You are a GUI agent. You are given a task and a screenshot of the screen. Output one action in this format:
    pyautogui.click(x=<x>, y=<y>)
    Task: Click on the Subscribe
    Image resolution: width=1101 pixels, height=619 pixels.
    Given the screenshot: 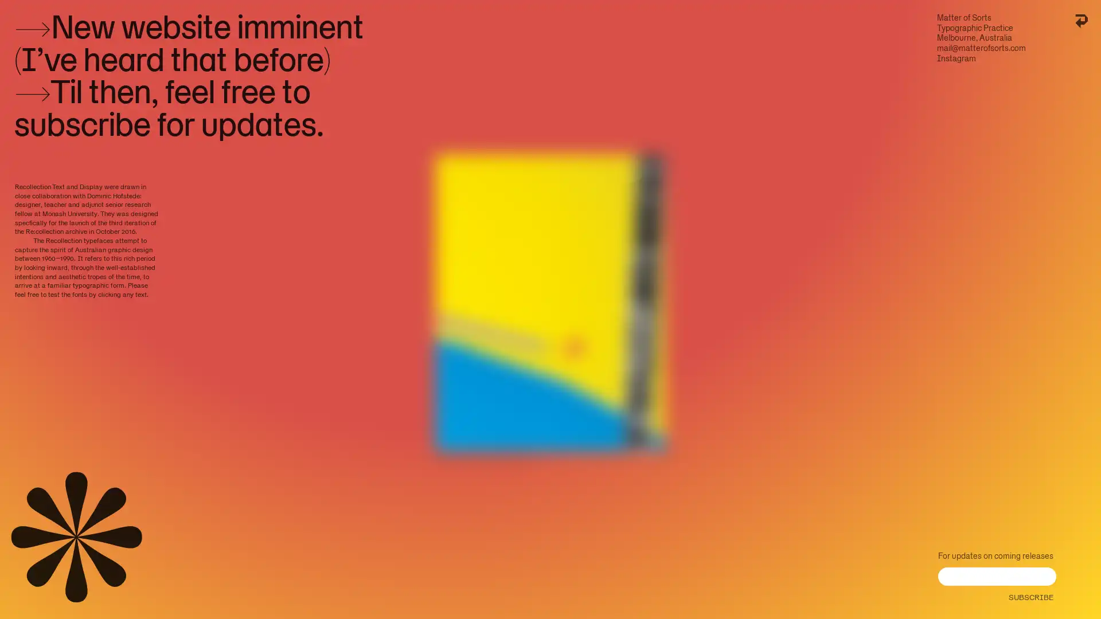 What is the action you would take?
    pyautogui.click(x=1029, y=594)
    